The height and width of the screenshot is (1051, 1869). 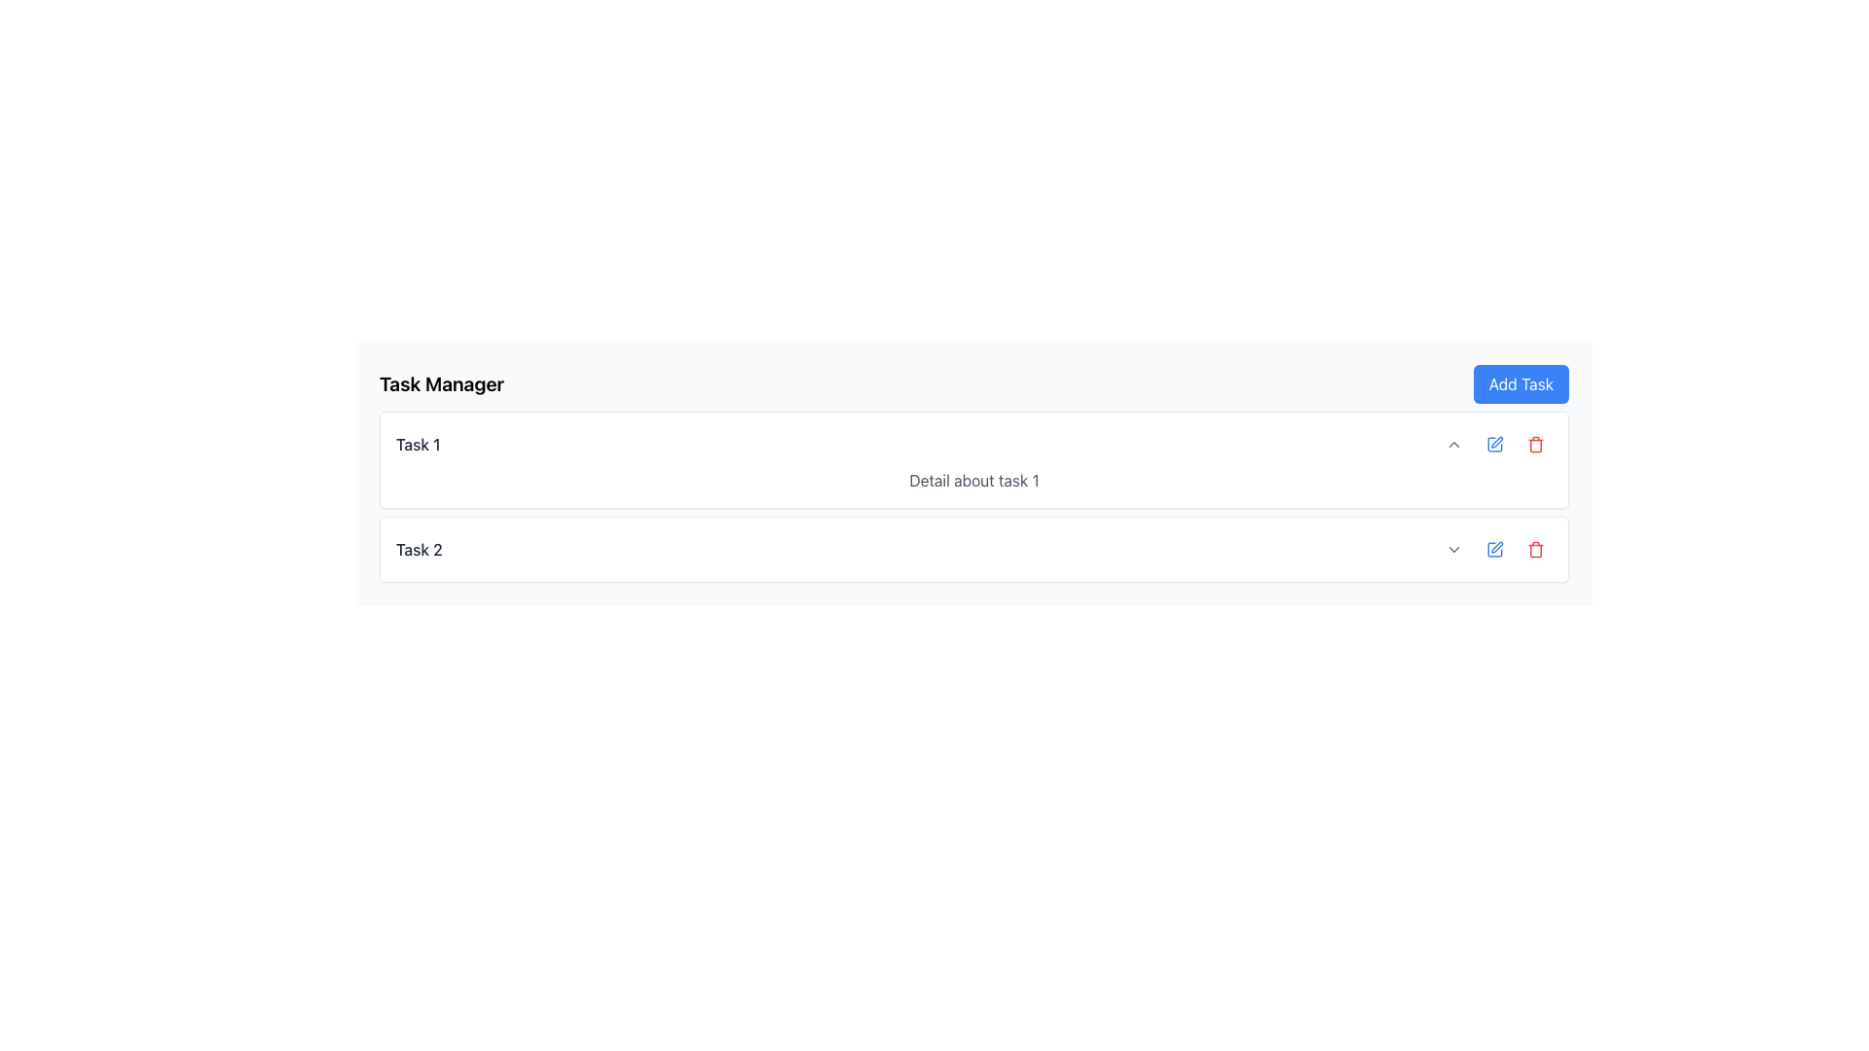 What do you see at coordinates (1535, 444) in the screenshot?
I see `the delete button located to the right of 'Task 1'` at bounding box center [1535, 444].